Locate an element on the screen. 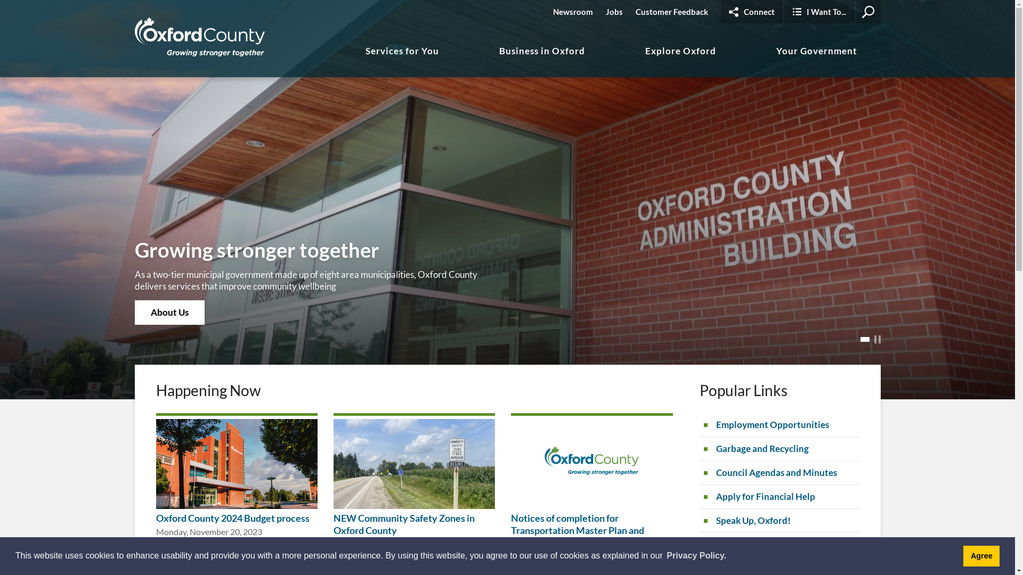  'Apply for Financial Help' is located at coordinates (779, 497).